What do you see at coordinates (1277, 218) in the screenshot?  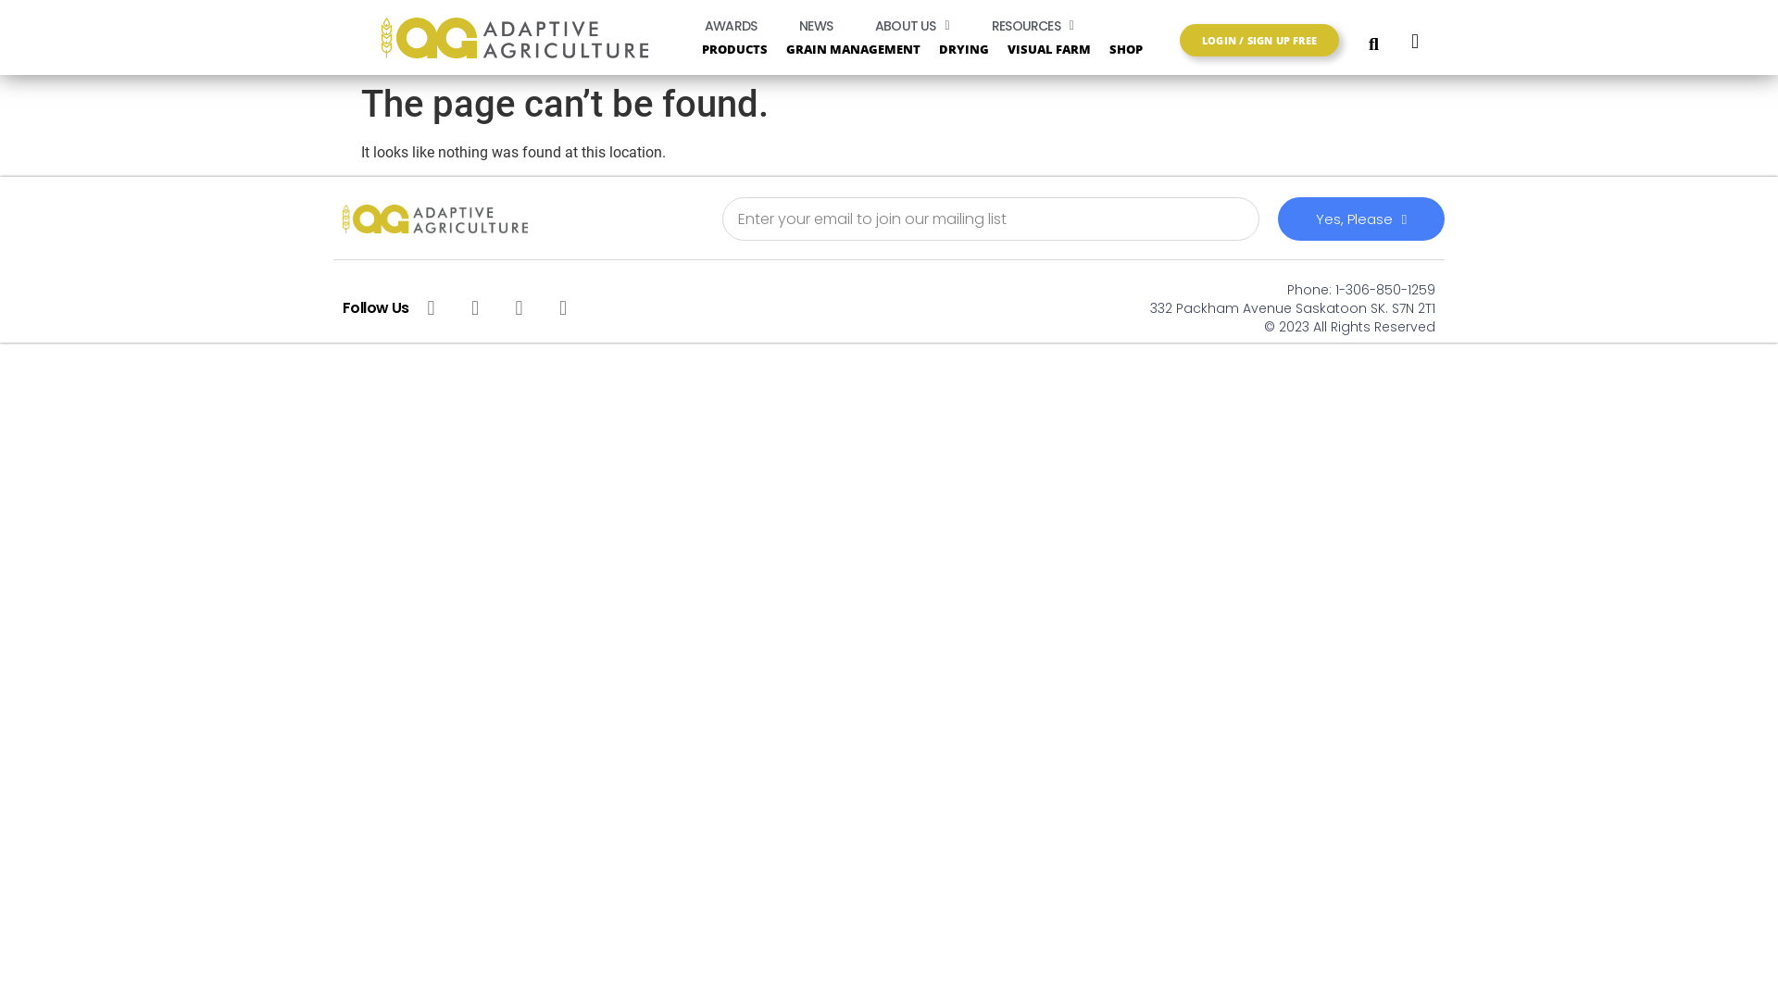 I see `'Yes, Please'` at bounding box center [1277, 218].